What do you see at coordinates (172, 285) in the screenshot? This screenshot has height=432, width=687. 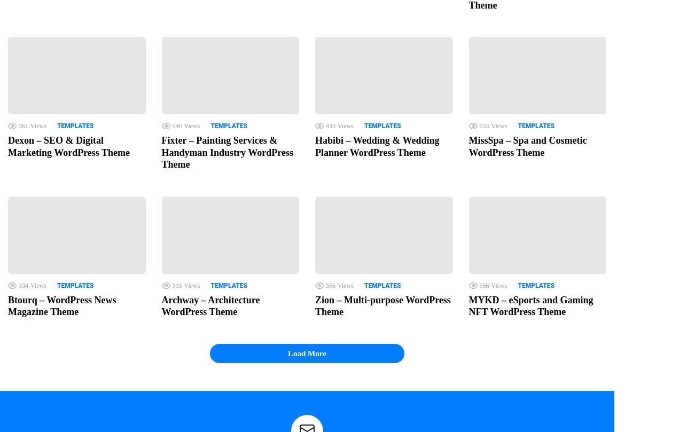 I see `'333'` at bounding box center [172, 285].